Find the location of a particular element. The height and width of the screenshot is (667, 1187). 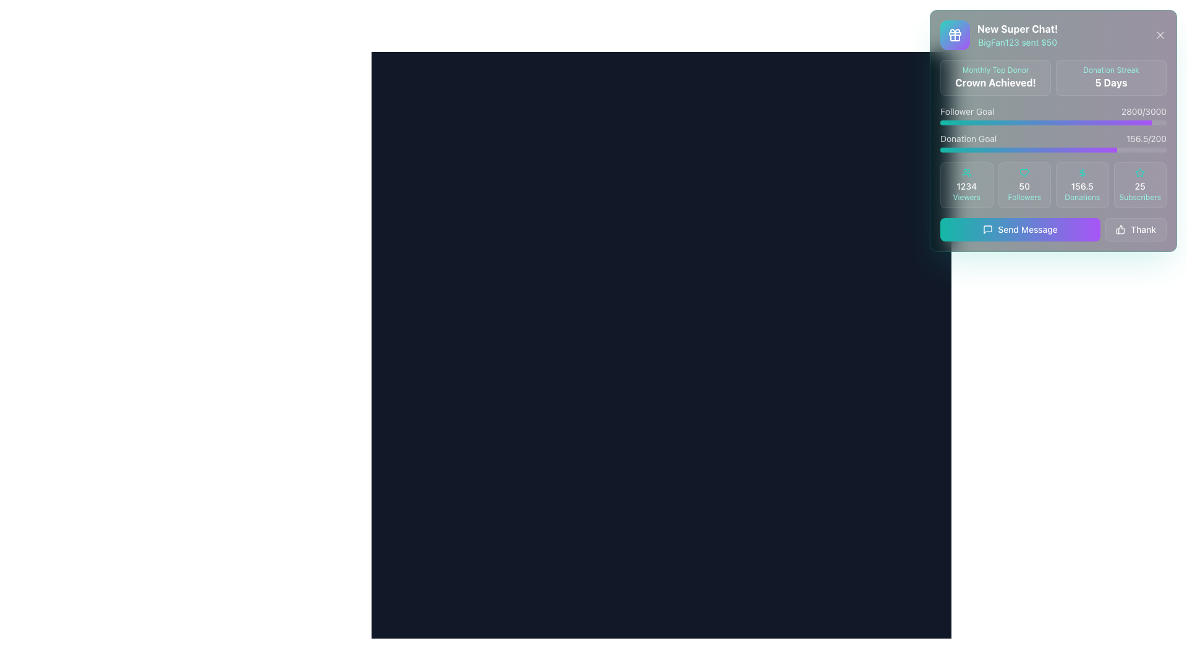

the 'Donation Streak' static text label, which is styled in teal with a small font size and positioned in the upper-right portion of a styled card interface is located at coordinates (1111, 70).